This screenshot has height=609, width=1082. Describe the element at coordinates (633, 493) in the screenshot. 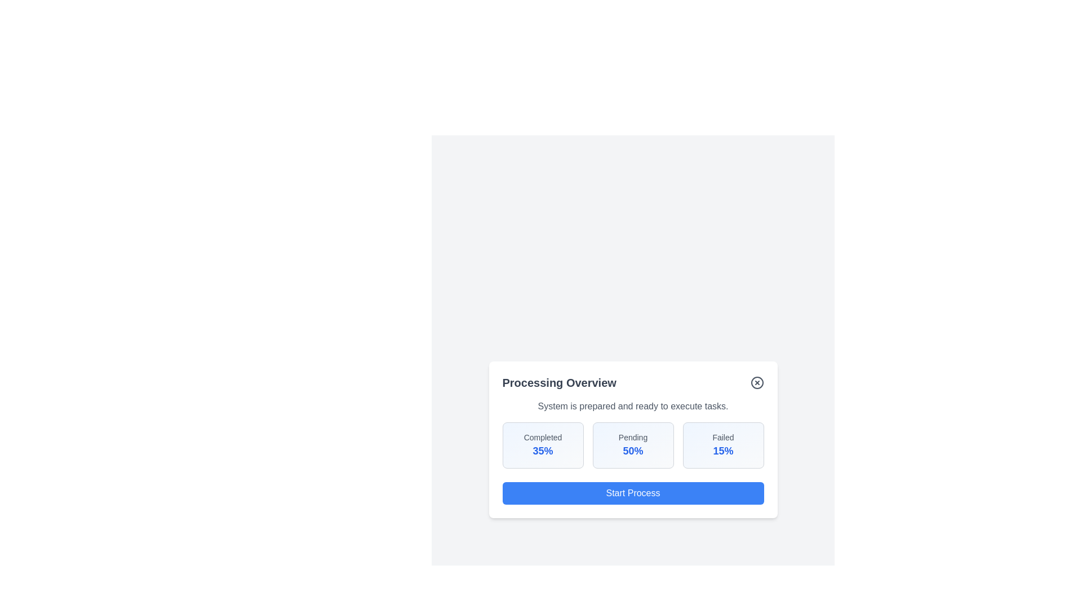

I see `'Start Process' button to initiate the process` at that location.